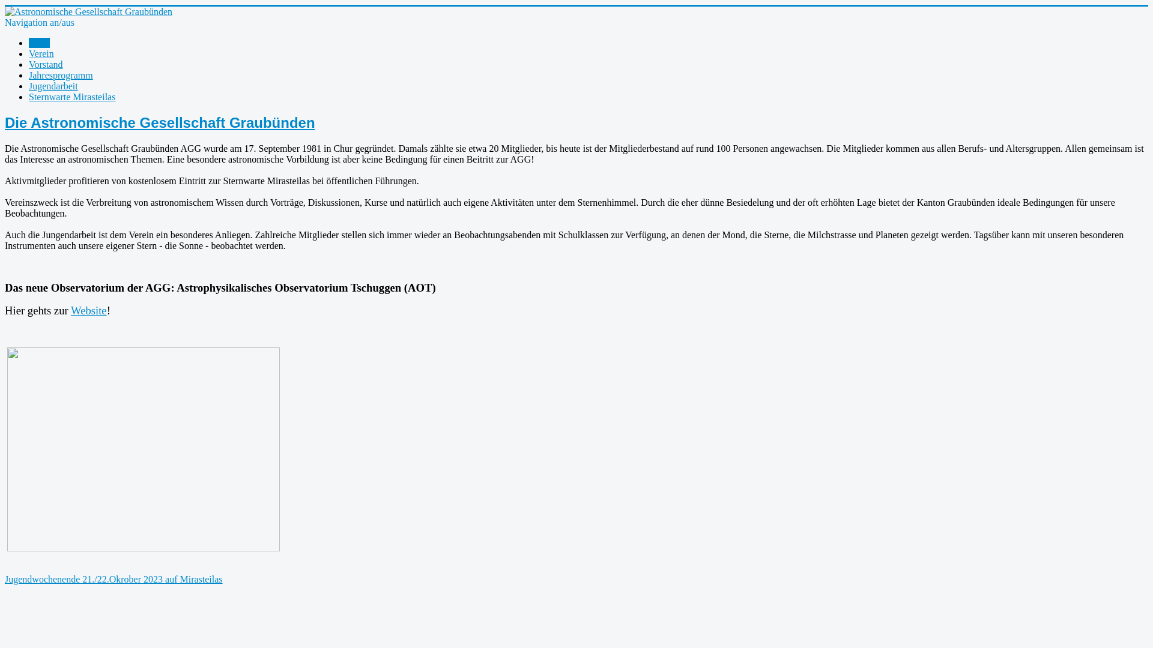 This screenshot has width=1153, height=648. I want to click on 'Vorstand', so click(46, 64).